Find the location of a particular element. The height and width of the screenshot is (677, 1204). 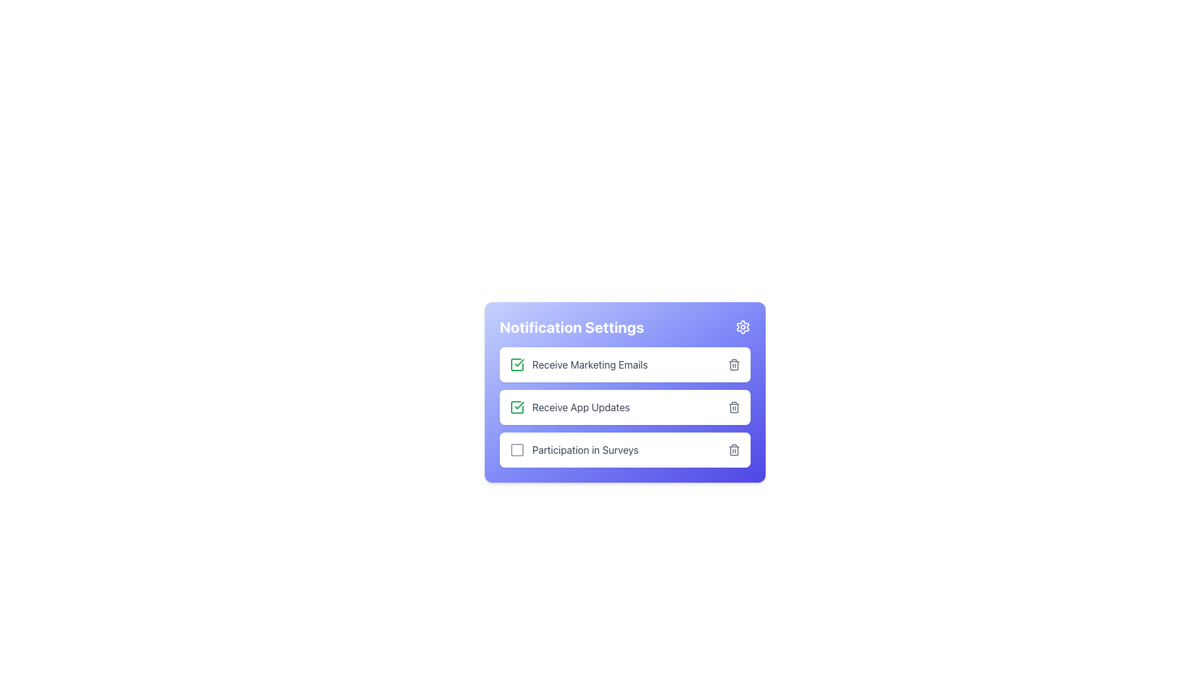

the delete icon button located to the far right of the 'Receive App Updates' row in the 'Notification Settings' panel is located at coordinates (734, 407).